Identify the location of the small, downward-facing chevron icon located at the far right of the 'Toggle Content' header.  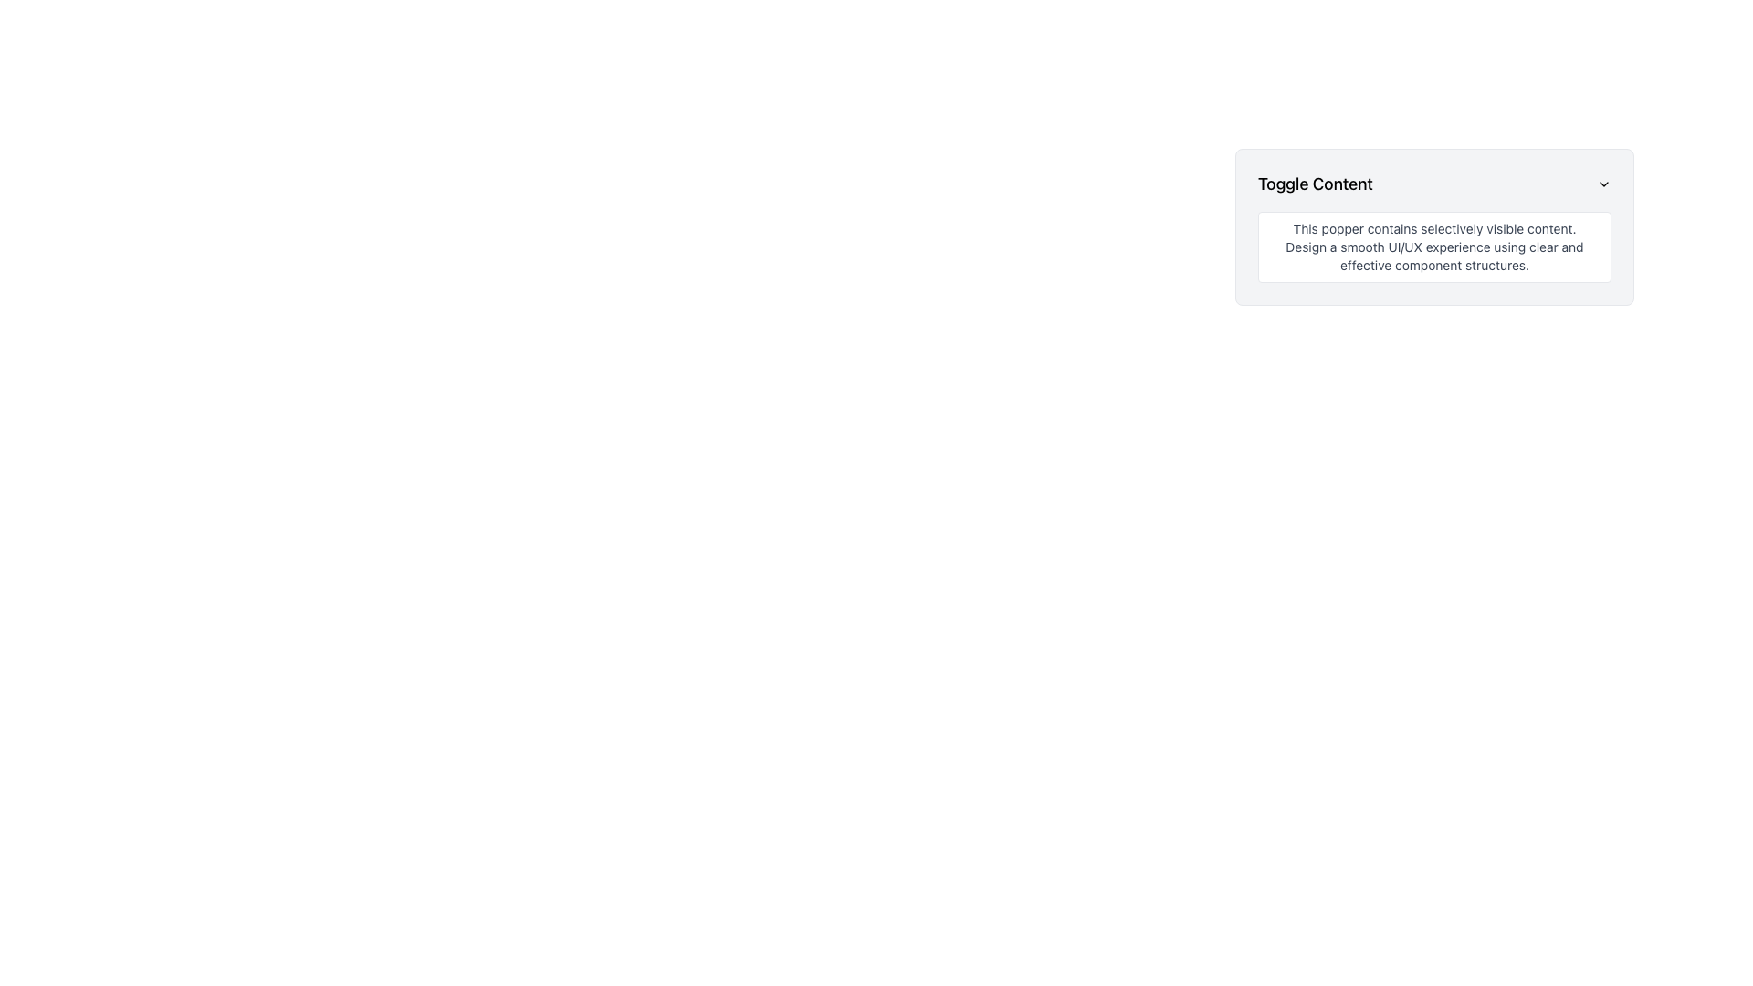
(1602, 184).